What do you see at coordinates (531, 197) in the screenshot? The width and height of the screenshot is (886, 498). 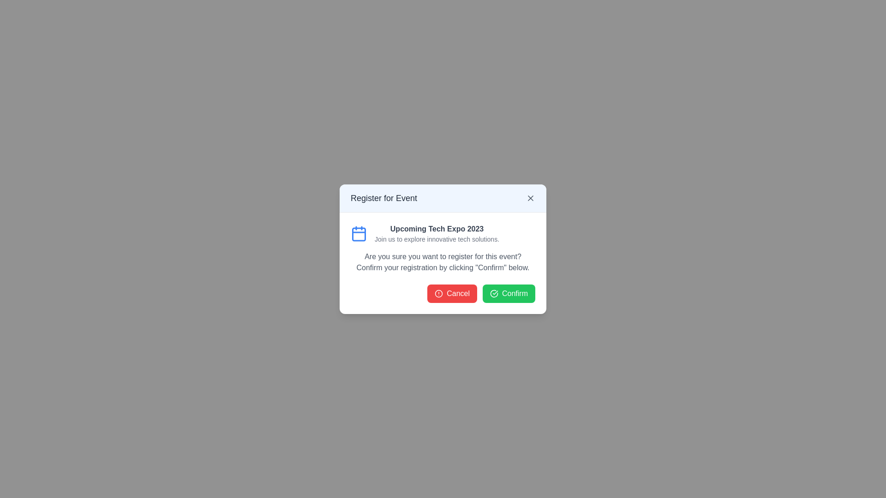 I see `the 'X' close icon located in the top-right corner of the 'Register for Event' dialog box` at bounding box center [531, 197].